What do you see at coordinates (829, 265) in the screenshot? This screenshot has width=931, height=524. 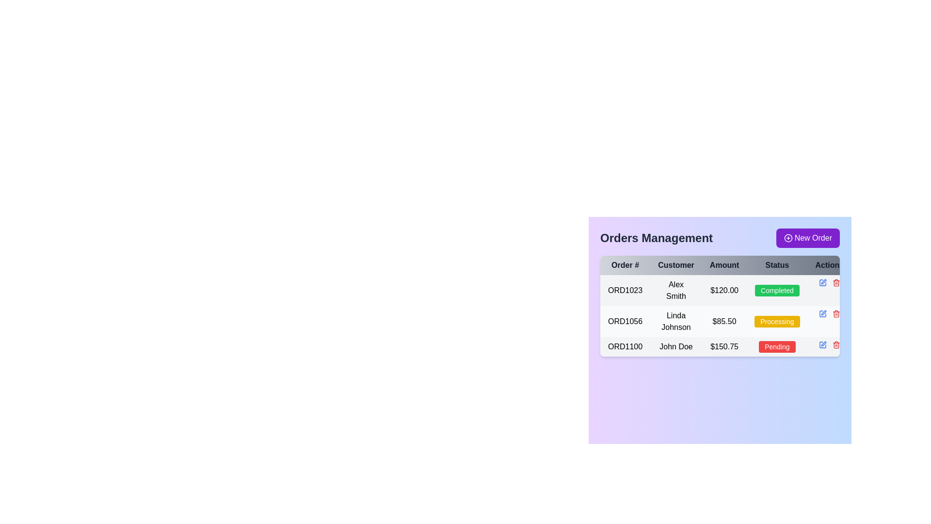 I see `the 'Actions' header element located at the top-right corner of the table, which serves to indicate the actions associated with the rows in the table` at bounding box center [829, 265].